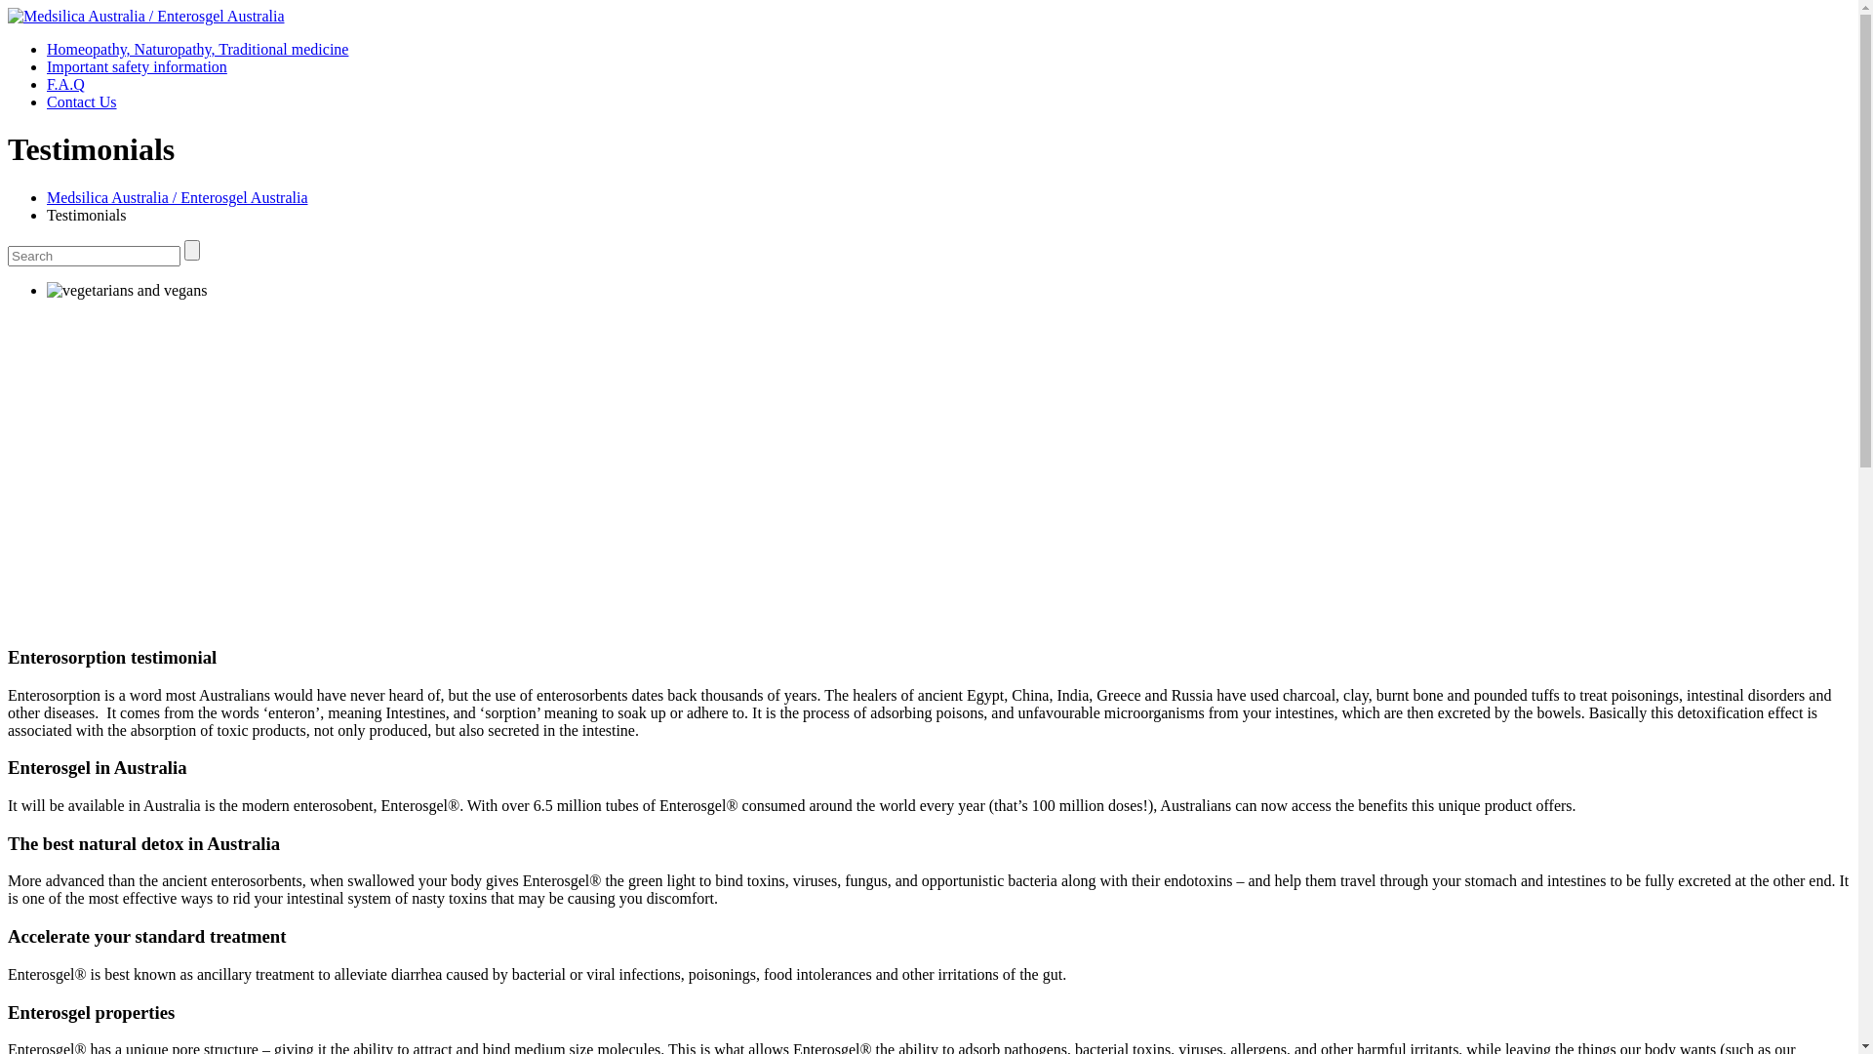  What do you see at coordinates (65, 83) in the screenshot?
I see `'F.A.Q'` at bounding box center [65, 83].